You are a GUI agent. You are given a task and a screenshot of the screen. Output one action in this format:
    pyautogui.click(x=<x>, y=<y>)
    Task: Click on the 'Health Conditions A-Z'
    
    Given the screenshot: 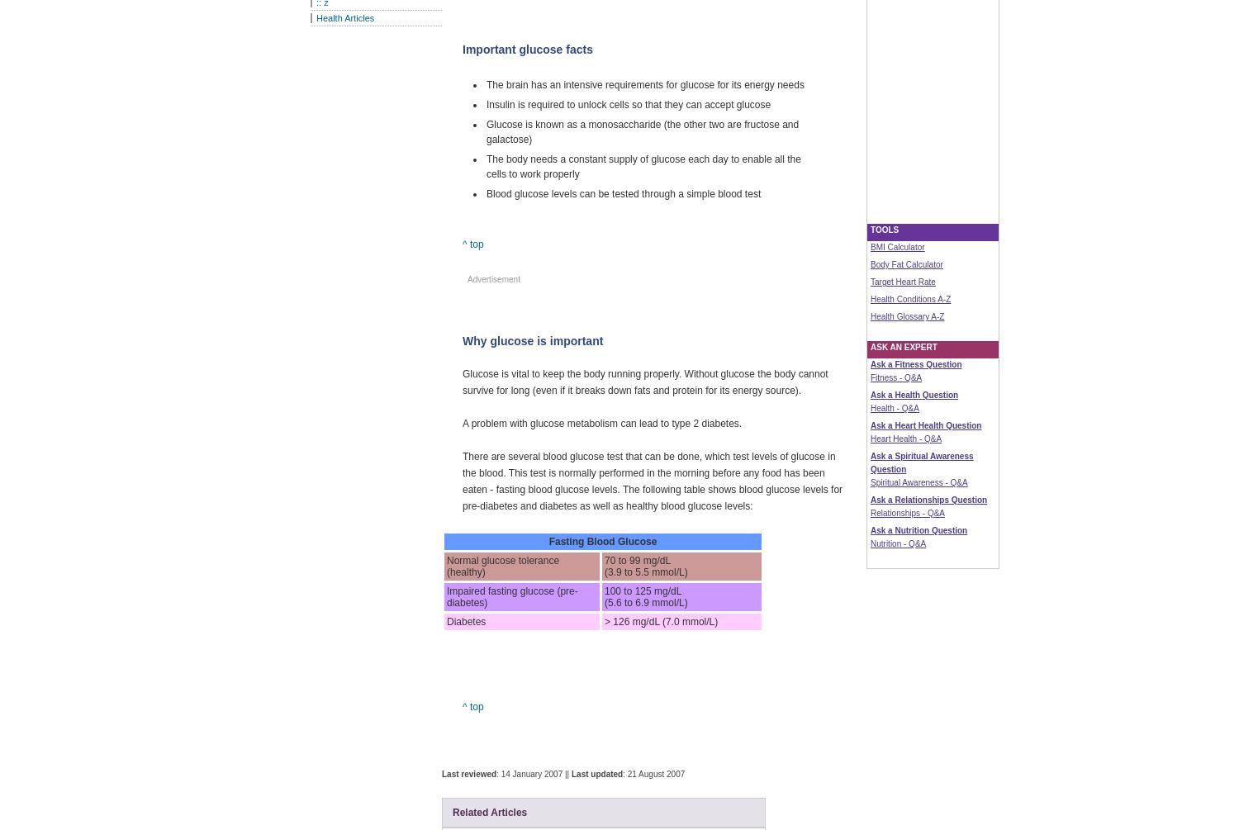 What is the action you would take?
    pyautogui.click(x=909, y=299)
    